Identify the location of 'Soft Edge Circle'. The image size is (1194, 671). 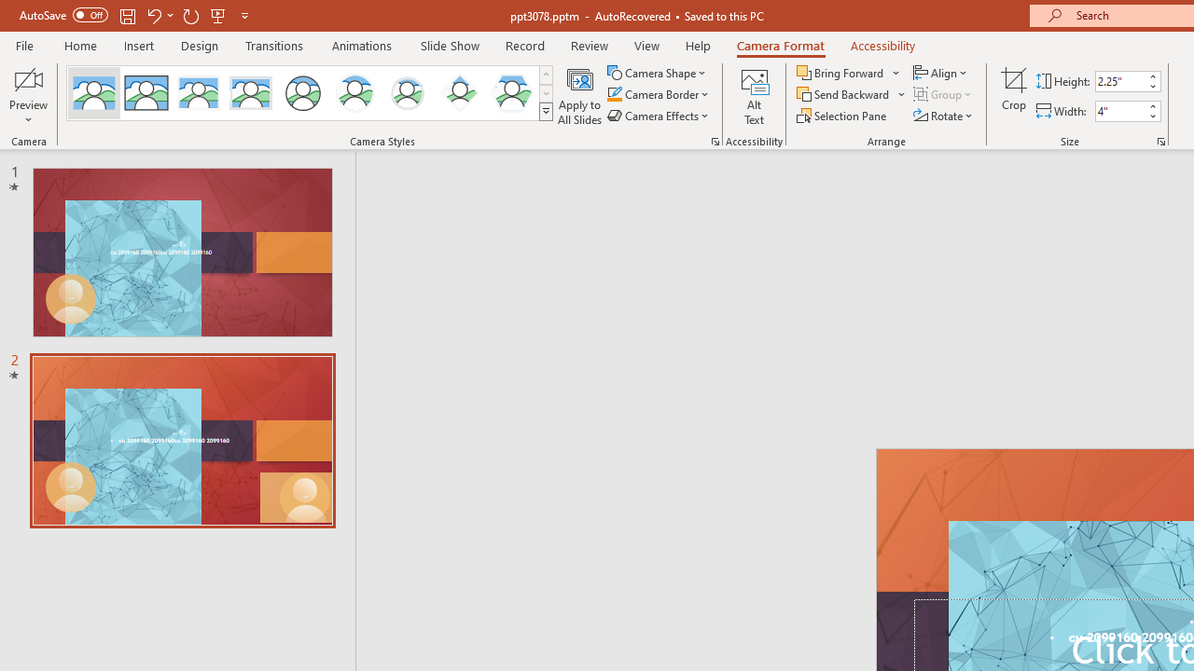
(407, 93).